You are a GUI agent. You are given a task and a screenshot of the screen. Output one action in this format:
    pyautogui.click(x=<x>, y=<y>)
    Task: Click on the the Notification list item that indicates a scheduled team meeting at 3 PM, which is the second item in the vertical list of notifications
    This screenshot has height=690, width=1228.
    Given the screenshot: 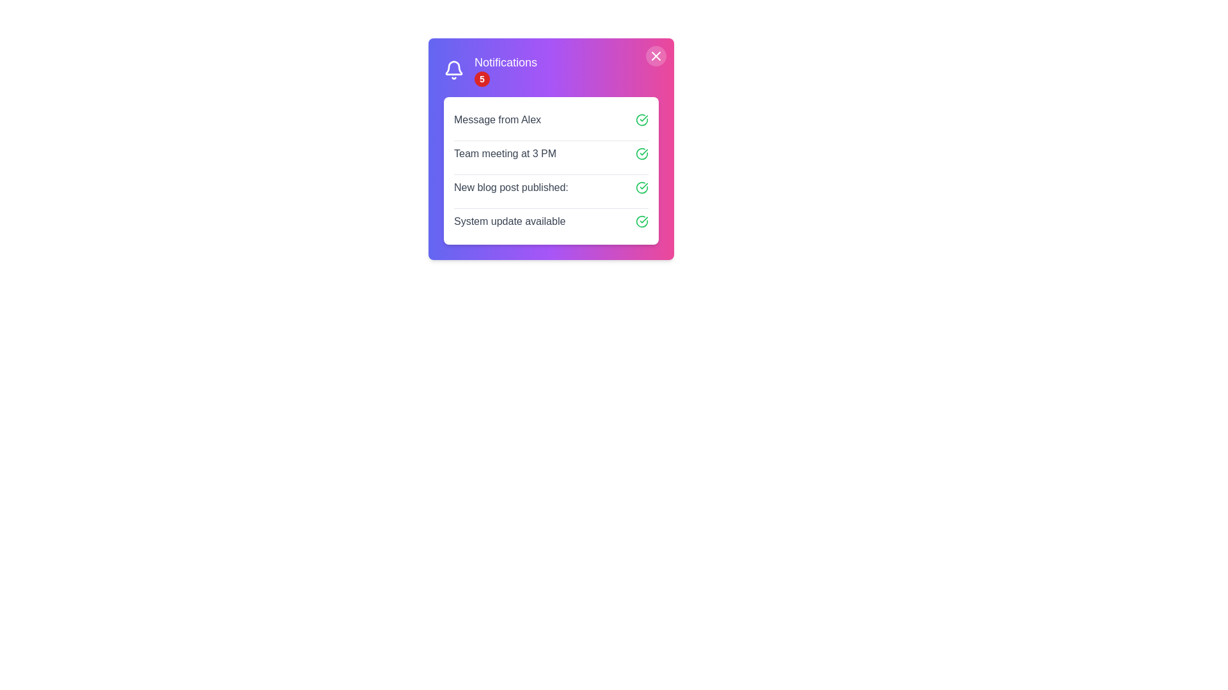 What is the action you would take?
    pyautogui.click(x=551, y=153)
    